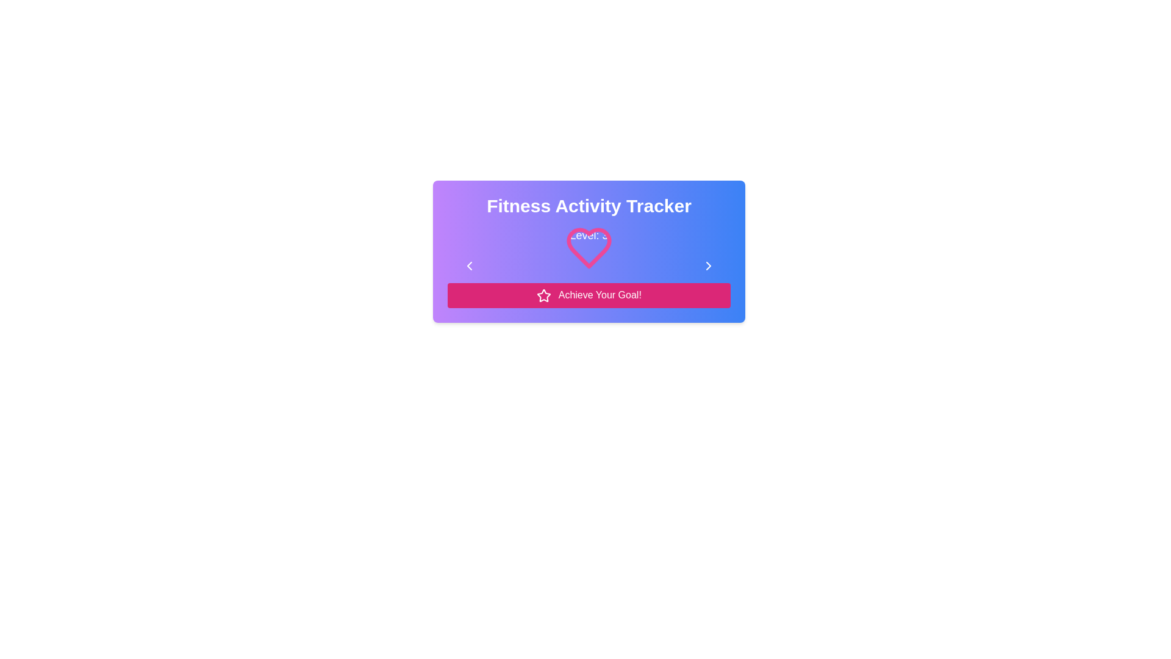 Image resolution: width=1171 pixels, height=659 pixels. Describe the element at coordinates (589, 253) in the screenshot. I see `the heart icon located below the 'Fitness Activity Tracker' label and above the 'Achieve Your Goal!' button, which serves as a decorative element related to fitness goals` at that location.